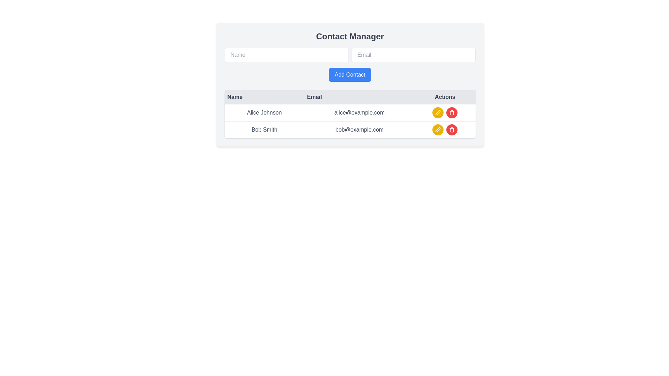 The width and height of the screenshot is (669, 376). Describe the element at coordinates (438, 130) in the screenshot. I see `the edit icon button located in the second row of the table under the 'Actions' column` at that location.